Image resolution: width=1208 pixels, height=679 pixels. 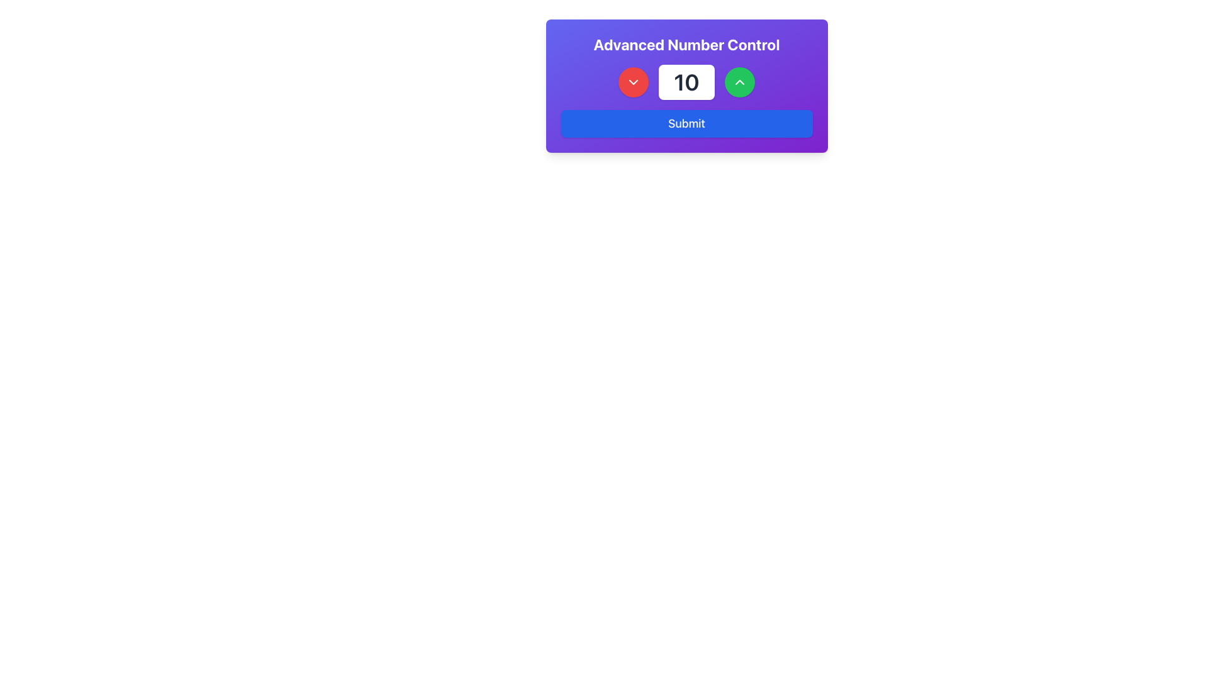 I want to click on the Text label that serves as the heading at the top center of the interface, so click(x=686, y=43).